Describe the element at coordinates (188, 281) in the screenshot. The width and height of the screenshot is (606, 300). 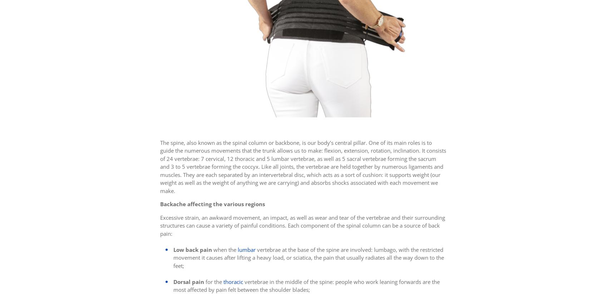
I see `'Dorsal pain'` at that location.